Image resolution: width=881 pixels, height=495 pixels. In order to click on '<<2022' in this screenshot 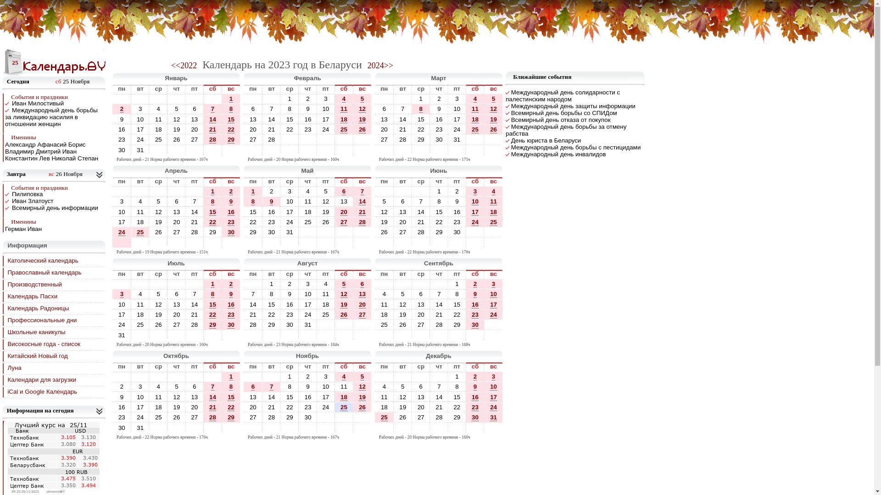, I will do `click(171, 65)`.